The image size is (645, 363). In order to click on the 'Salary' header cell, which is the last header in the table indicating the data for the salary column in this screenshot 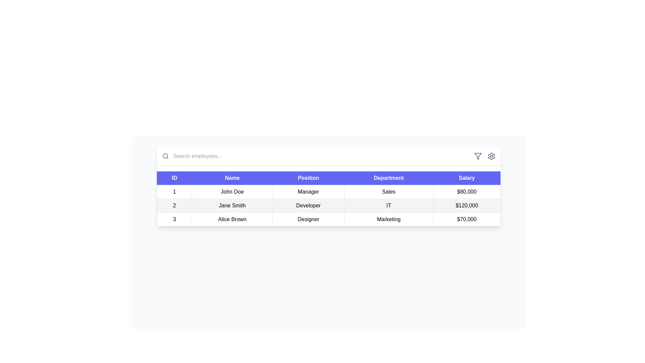, I will do `click(466, 178)`.